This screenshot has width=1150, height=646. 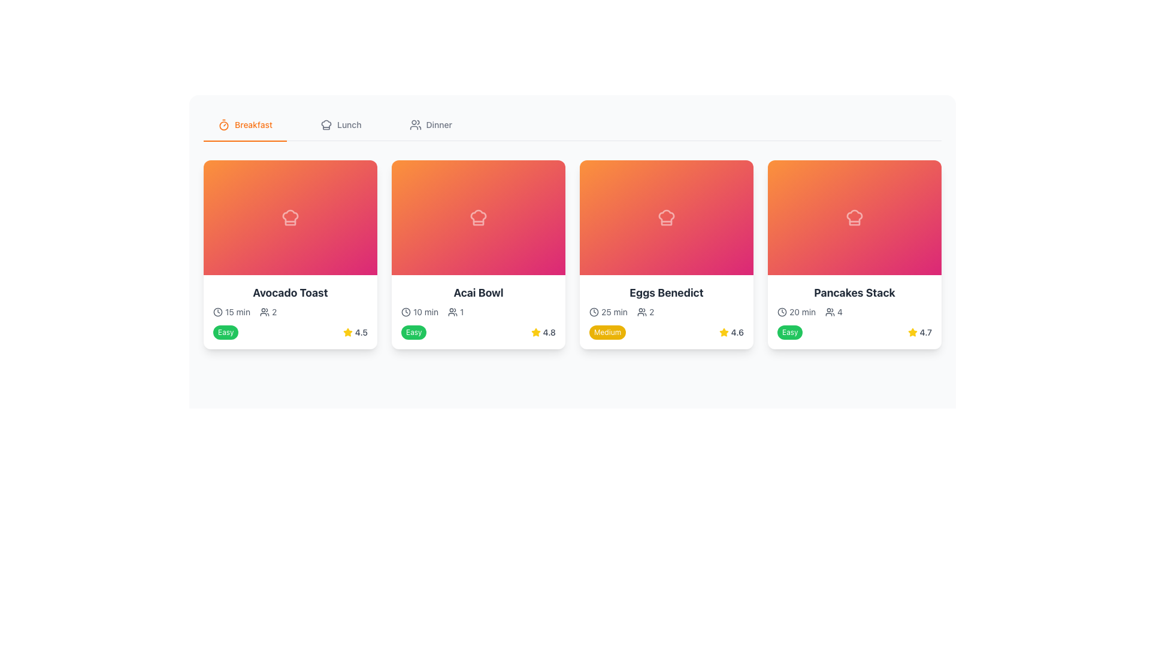 I want to click on the rating indicator displaying a yellow star icon and the numeric rating '4.5' located at the bottom-right of the 'Avocado Toast' card, so click(x=355, y=332).